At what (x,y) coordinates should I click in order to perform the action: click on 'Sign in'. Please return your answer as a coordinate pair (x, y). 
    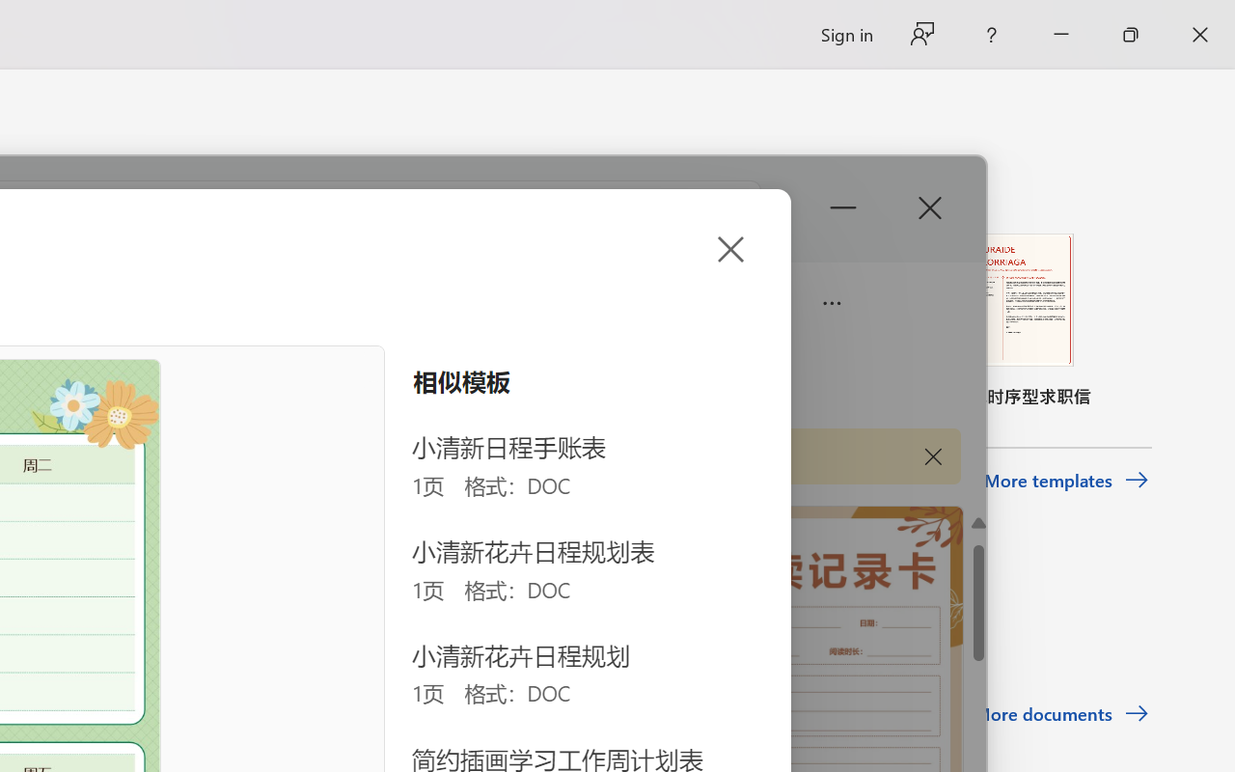
    Looking at the image, I should click on (845, 33).